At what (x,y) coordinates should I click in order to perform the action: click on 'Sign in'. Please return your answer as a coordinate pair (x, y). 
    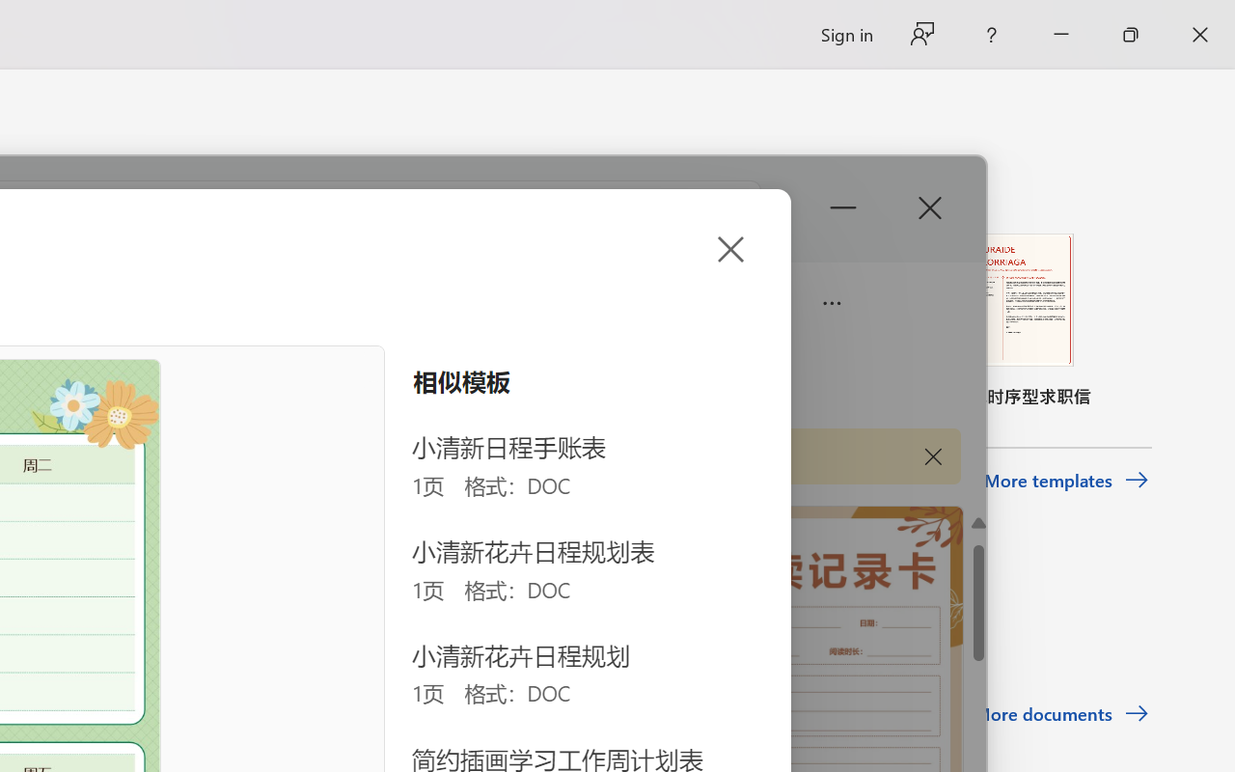
    Looking at the image, I should click on (845, 33).